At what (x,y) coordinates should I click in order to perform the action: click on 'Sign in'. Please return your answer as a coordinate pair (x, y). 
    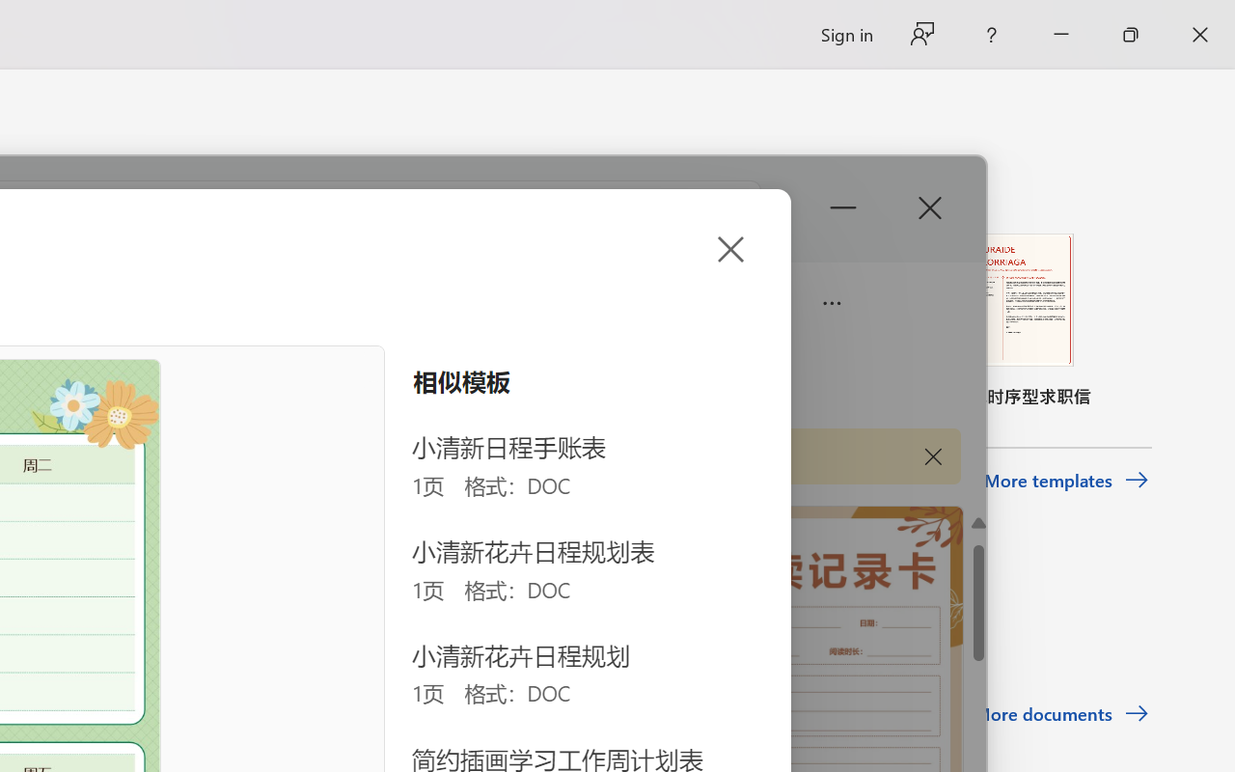
    Looking at the image, I should click on (845, 33).